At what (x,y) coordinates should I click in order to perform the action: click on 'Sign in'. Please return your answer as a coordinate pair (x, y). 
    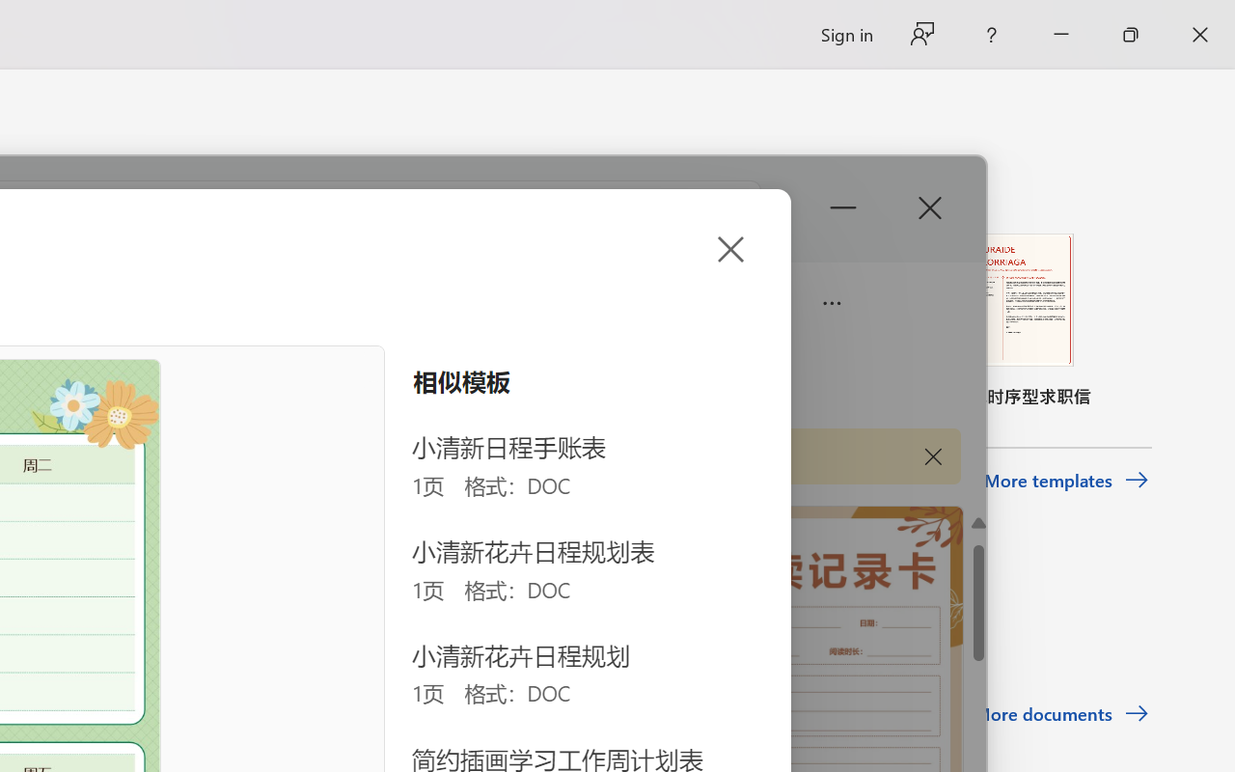
    Looking at the image, I should click on (845, 33).